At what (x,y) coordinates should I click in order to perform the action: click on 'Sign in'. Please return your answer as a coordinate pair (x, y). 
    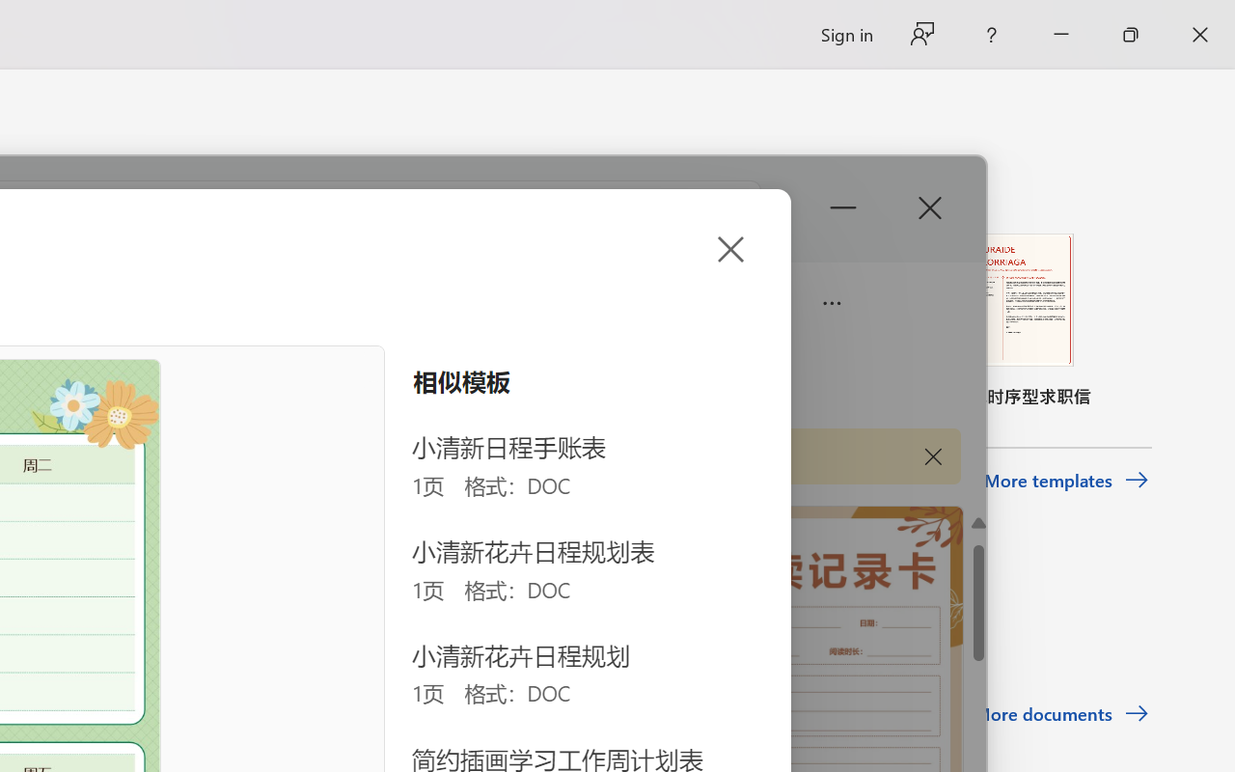
    Looking at the image, I should click on (845, 33).